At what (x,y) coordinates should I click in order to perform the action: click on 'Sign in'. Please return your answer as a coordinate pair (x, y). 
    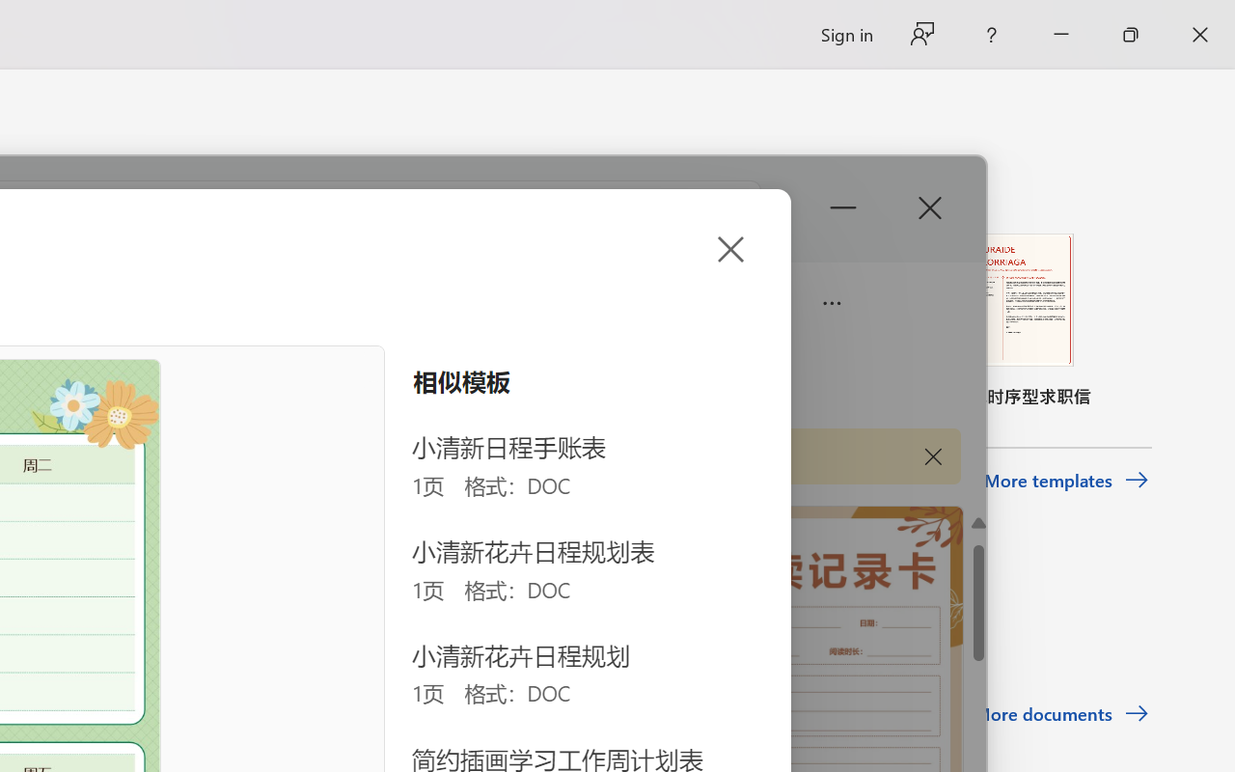
    Looking at the image, I should click on (845, 33).